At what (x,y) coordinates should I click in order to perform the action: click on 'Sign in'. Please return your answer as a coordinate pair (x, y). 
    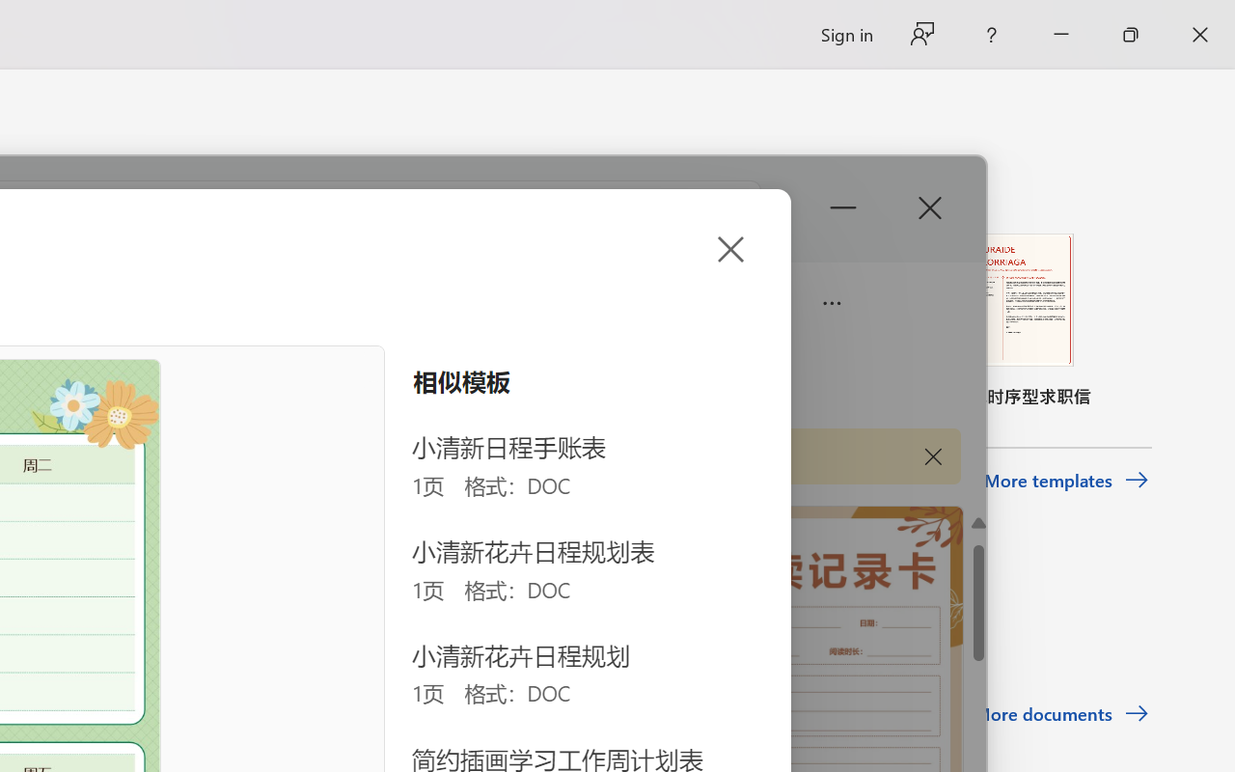
    Looking at the image, I should click on (845, 33).